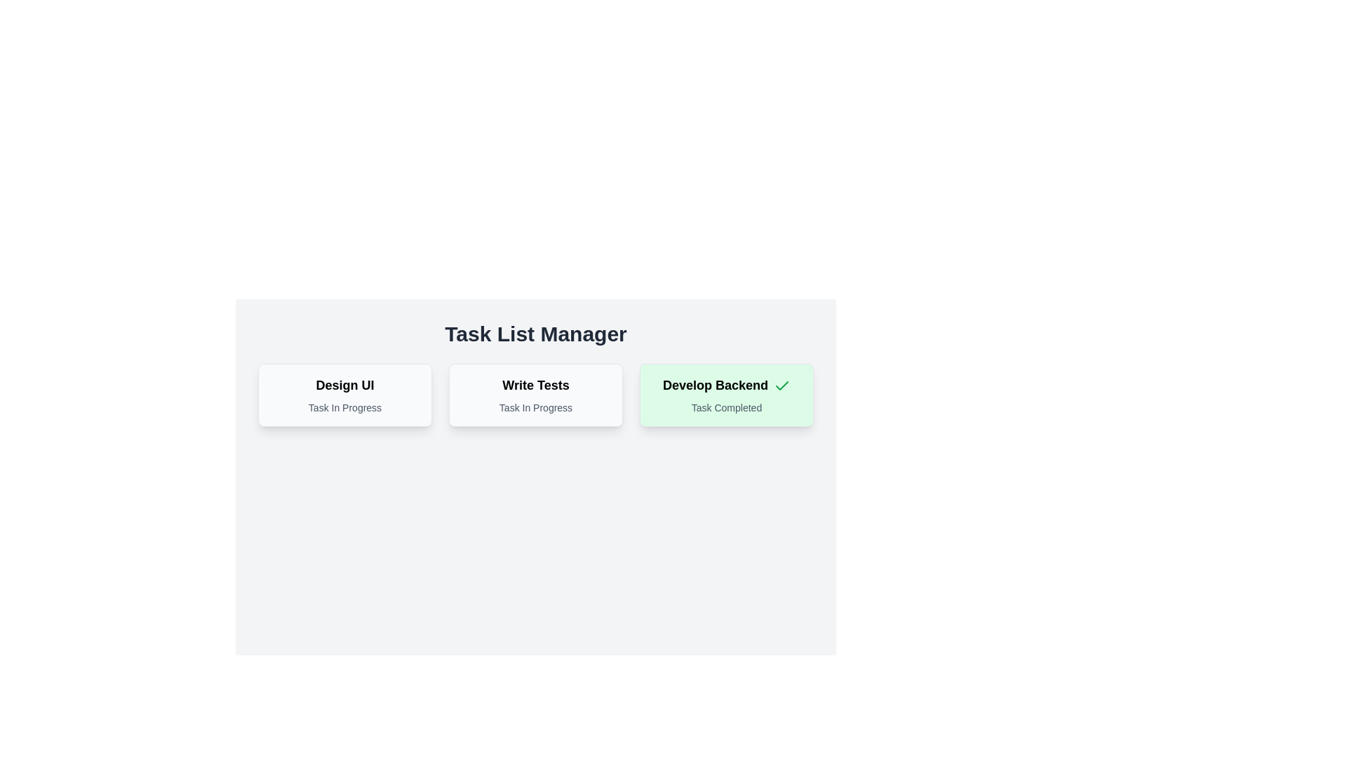  I want to click on the 'Write Tests' text, which is the primary heading of the middle card in a three-card layout, styled with a bold and large font and positioned above the 'Task In Progress' text, so click(535, 386).